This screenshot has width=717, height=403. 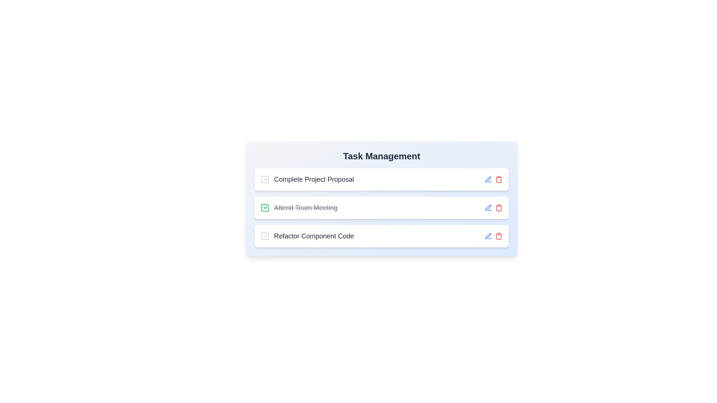 I want to click on the right button of the composite UI component in the bottom-right corner of the 'Refactor Component Code' card, so click(x=493, y=236).